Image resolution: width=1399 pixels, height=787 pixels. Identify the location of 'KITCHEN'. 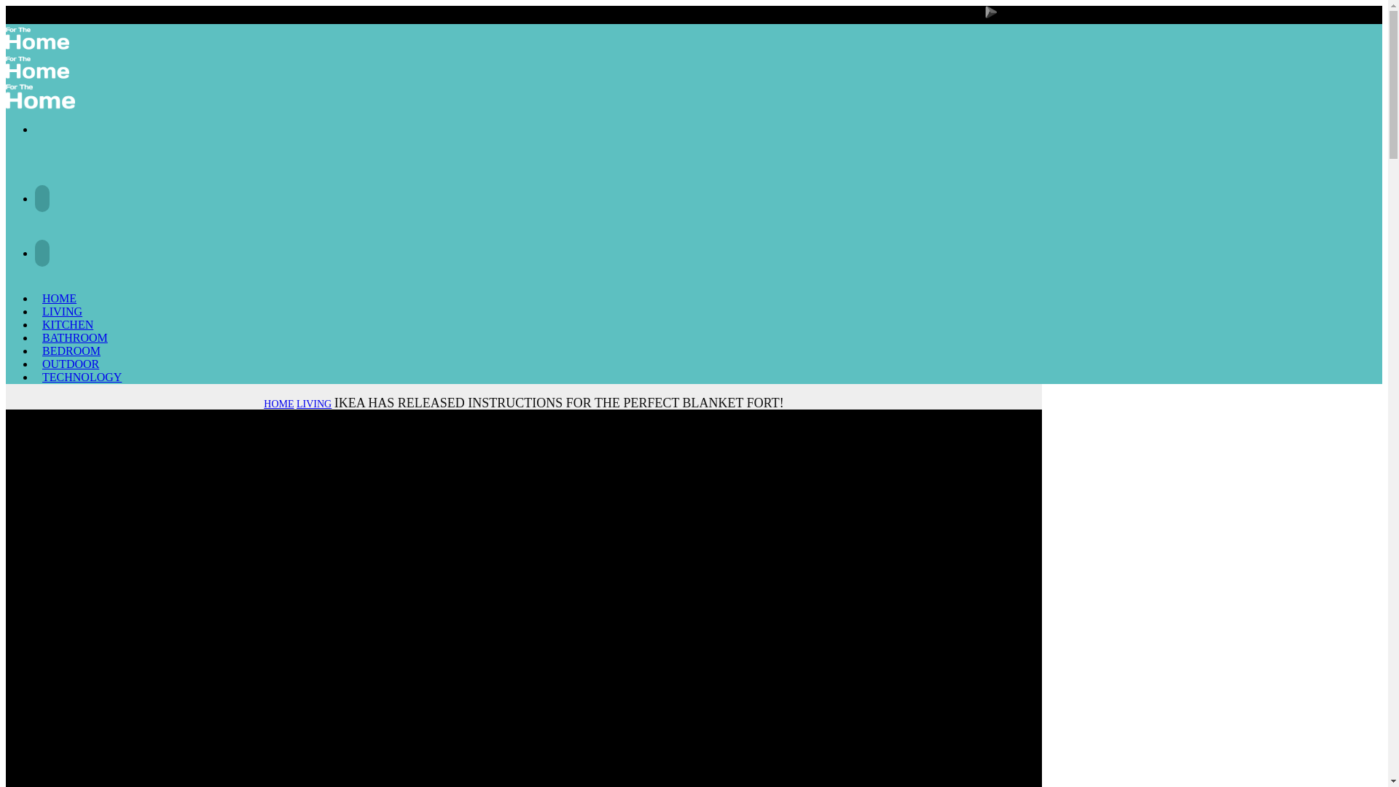
(66, 324).